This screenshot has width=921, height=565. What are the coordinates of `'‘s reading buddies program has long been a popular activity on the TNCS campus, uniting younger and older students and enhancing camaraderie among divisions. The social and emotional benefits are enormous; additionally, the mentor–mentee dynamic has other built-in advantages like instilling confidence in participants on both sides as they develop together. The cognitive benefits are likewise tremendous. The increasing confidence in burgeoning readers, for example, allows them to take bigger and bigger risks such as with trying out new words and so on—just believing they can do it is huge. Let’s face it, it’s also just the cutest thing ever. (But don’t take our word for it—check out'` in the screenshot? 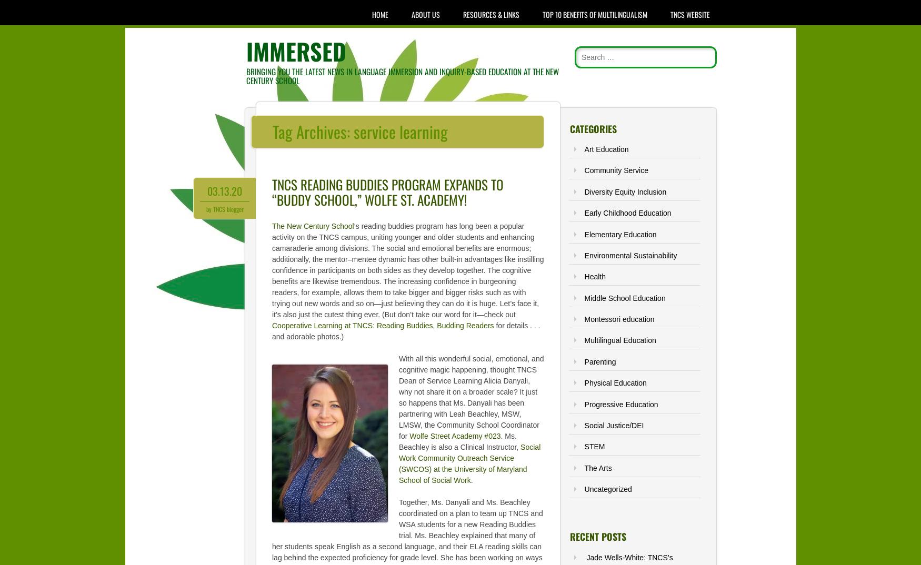 It's located at (271, 270).